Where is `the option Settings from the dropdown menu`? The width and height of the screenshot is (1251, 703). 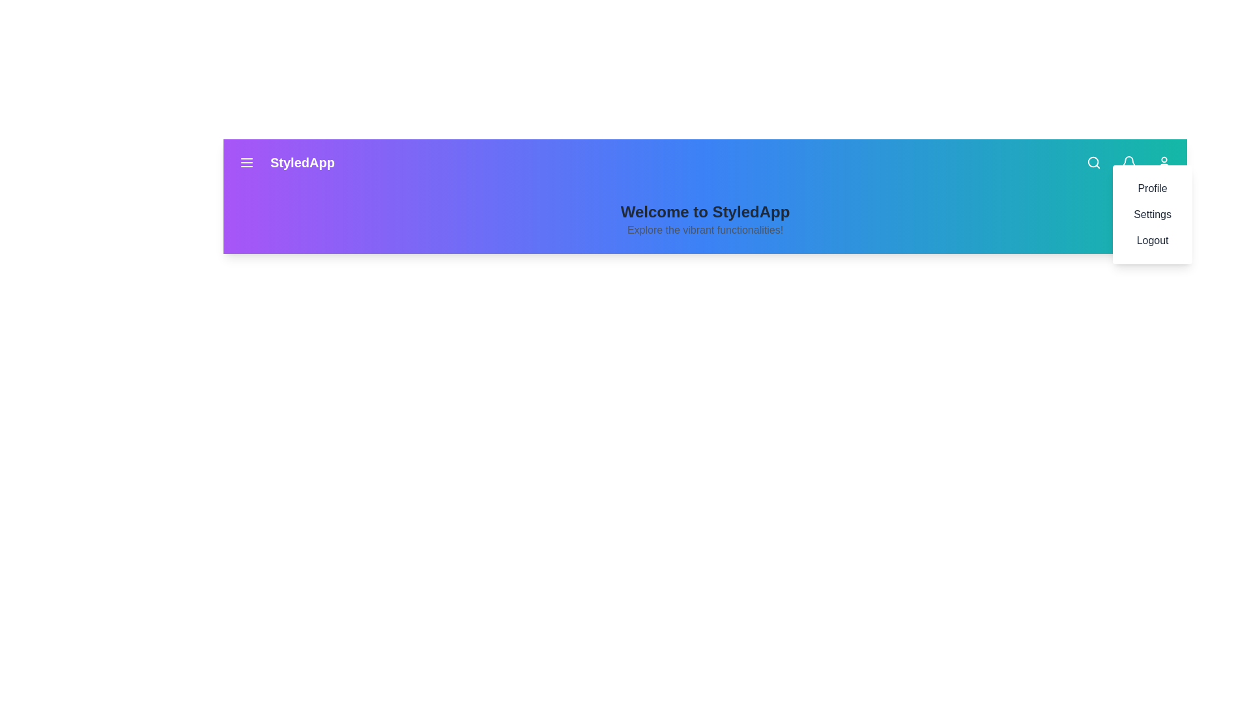 the option Settings from the dropdown menu is located at coordinates (1153, 214).